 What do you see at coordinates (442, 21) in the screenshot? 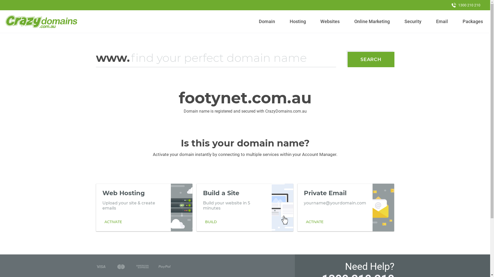
I see `'Email'` at bounding box center [442, 21].